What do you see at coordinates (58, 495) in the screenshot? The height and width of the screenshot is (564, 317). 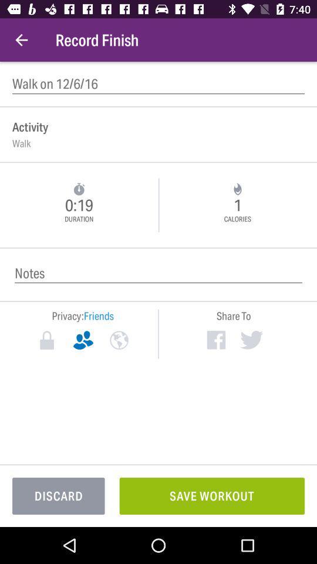 I see `the item to the left of the save workout item` at bounding box center [58, 495].